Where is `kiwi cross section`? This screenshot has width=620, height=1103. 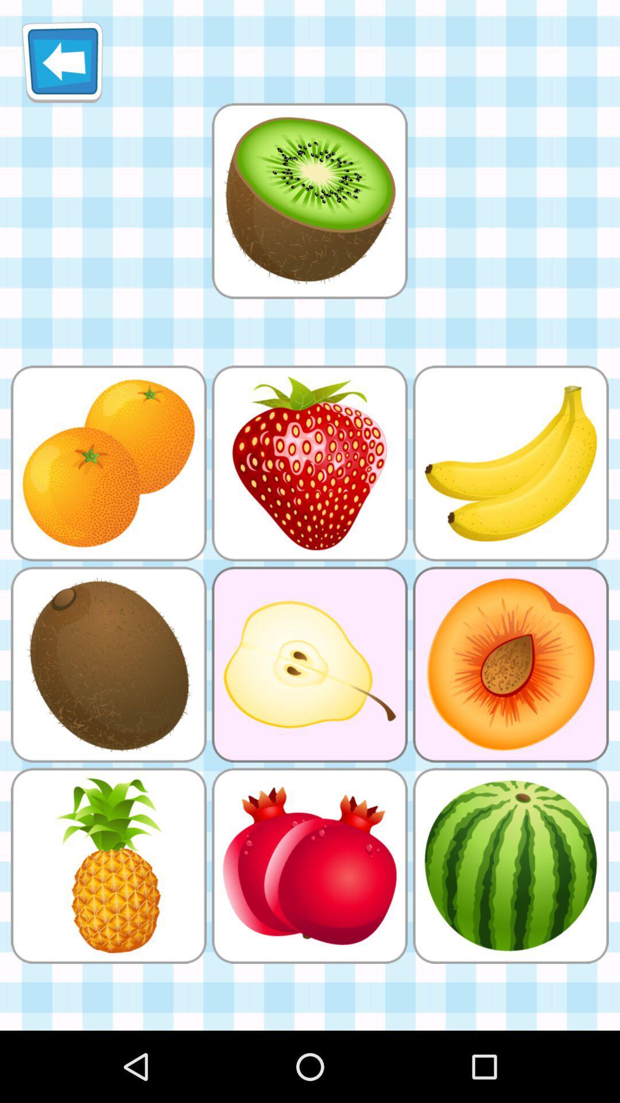 kiwi cross section is located at coordinates (309, 200).